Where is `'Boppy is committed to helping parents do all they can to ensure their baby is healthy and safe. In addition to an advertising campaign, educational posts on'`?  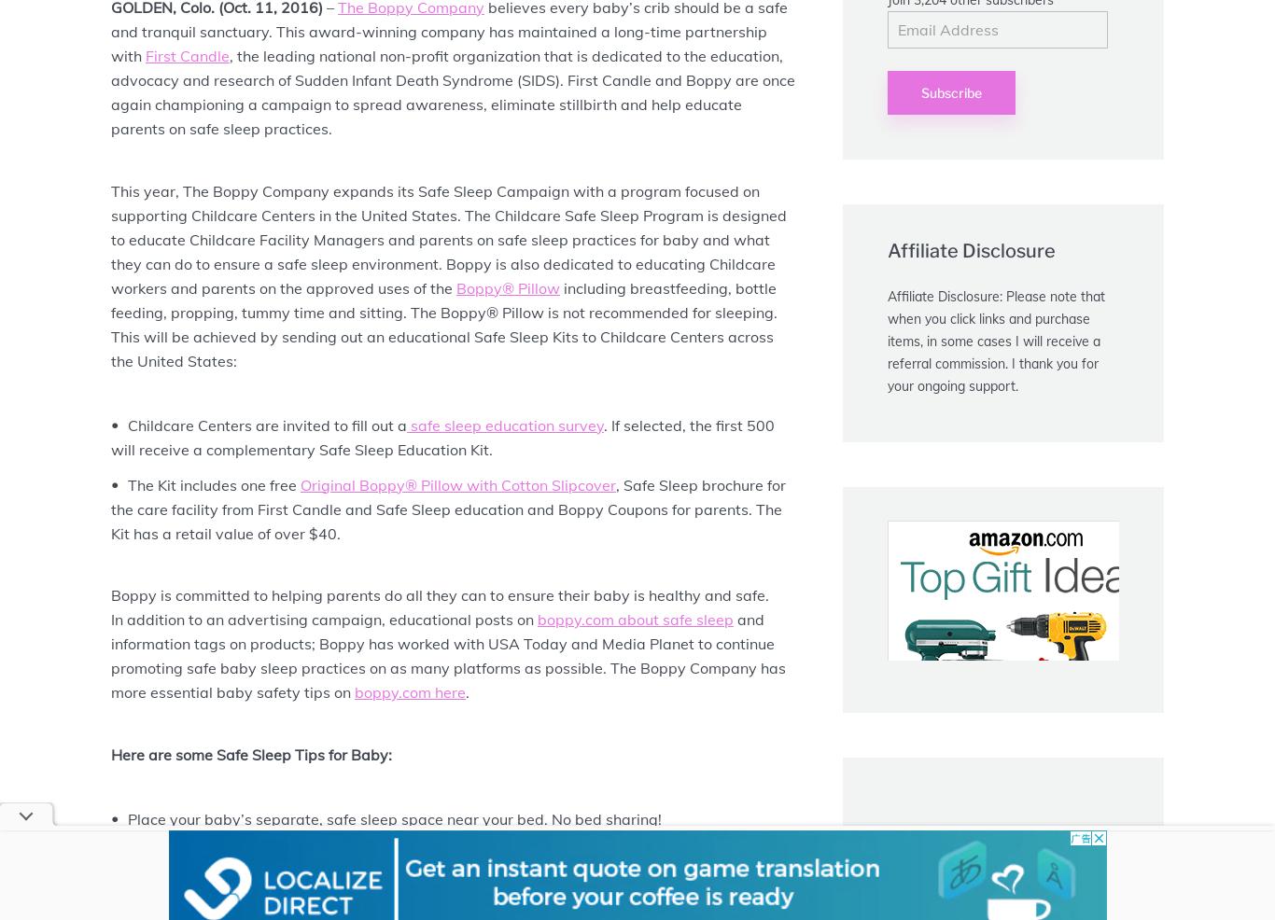
'Boppy is committed to helping parents do all they can to ensure their baby is healthy and safe. In addition to an advertising campaign, educational posts on' is located at coordinates (109, 606).